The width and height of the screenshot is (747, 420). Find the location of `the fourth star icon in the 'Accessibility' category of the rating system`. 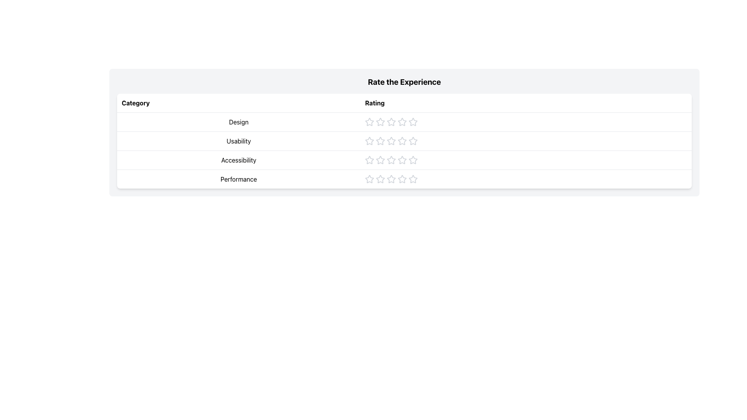

the fourth star icon in the 'Accessibility' category of the rating system is located at coordinates (402, 159).